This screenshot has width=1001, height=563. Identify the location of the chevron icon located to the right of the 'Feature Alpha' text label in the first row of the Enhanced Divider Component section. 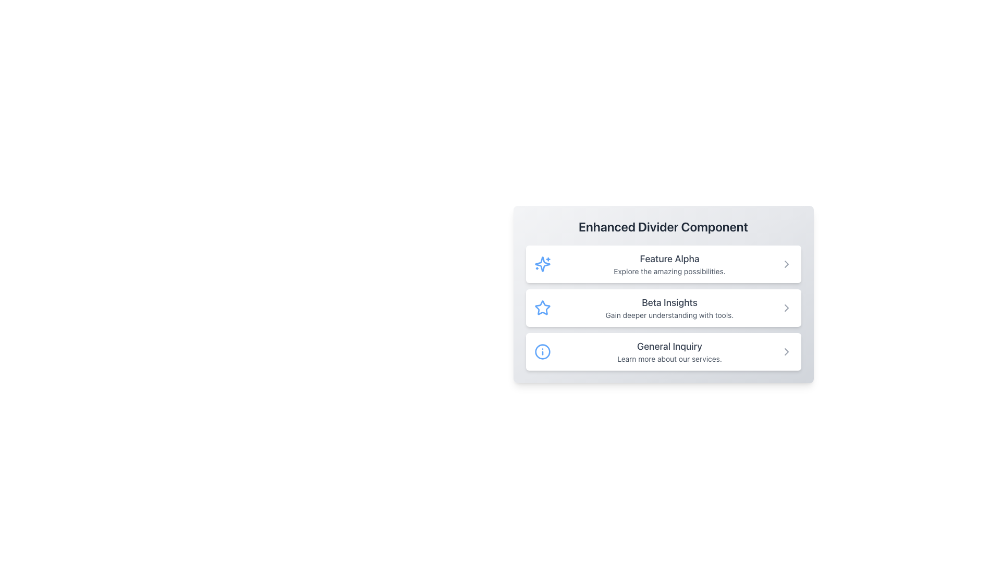
(786, 263).